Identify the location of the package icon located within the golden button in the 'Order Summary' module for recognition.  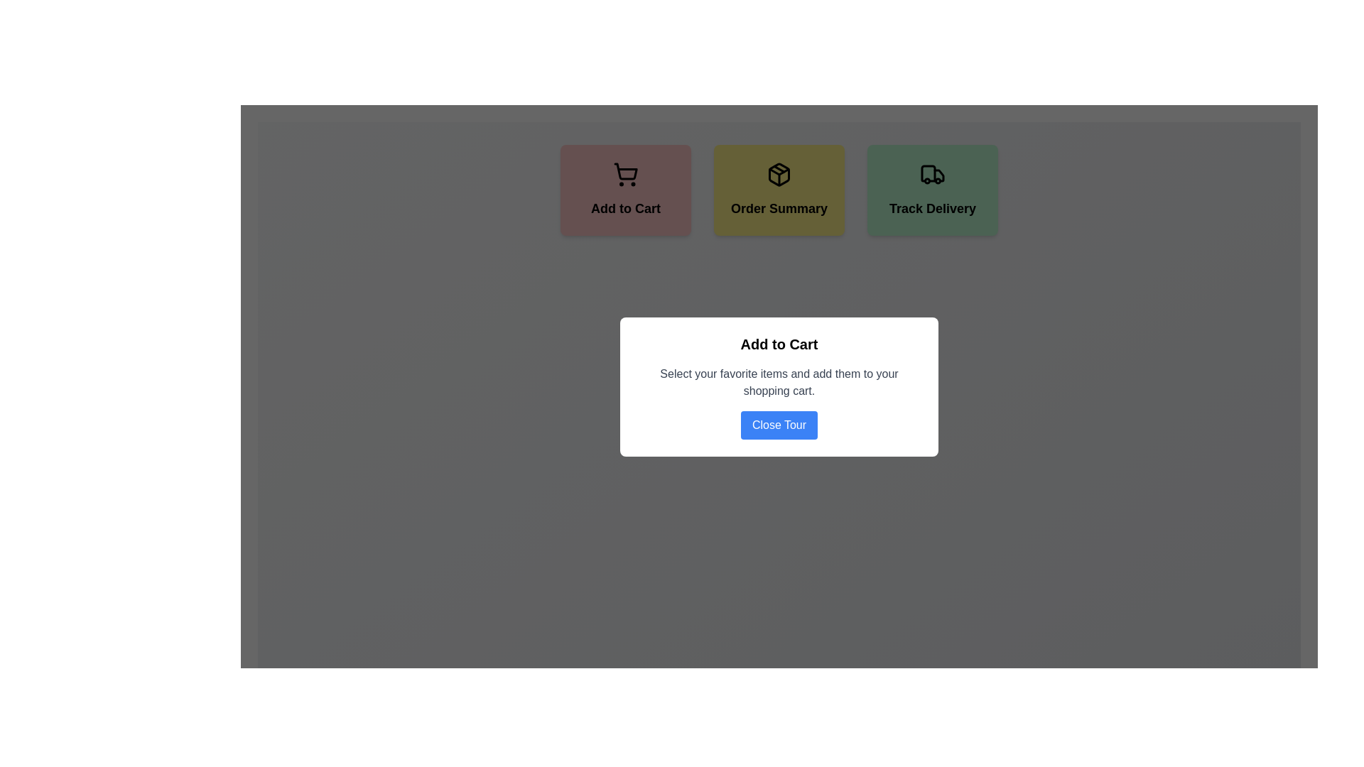
(779, 174).